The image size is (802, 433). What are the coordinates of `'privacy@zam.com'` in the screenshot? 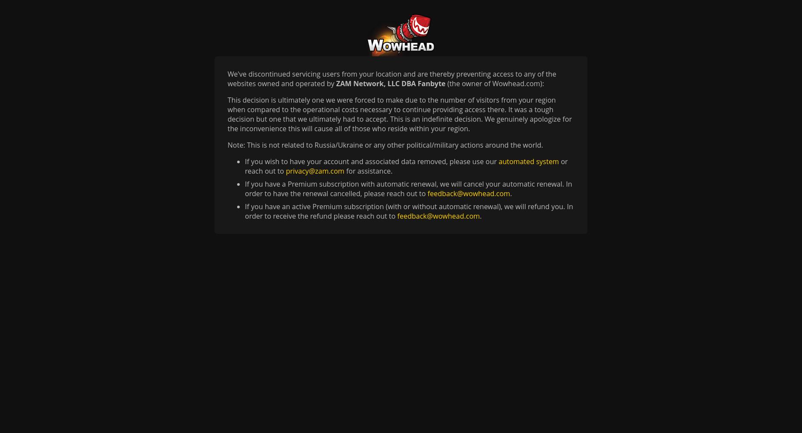 It's located at (315, 171).